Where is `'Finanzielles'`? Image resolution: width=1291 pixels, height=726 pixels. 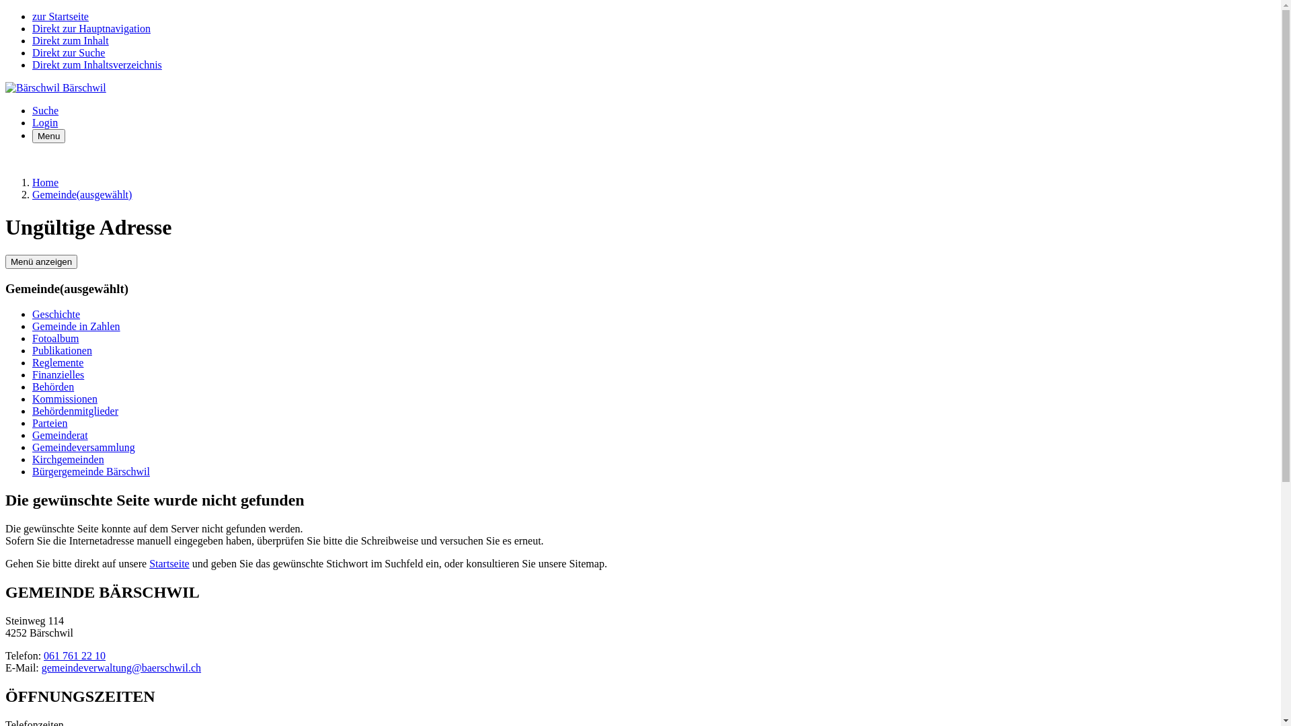 'Finanzielles' is located at coordinates (57, 374).